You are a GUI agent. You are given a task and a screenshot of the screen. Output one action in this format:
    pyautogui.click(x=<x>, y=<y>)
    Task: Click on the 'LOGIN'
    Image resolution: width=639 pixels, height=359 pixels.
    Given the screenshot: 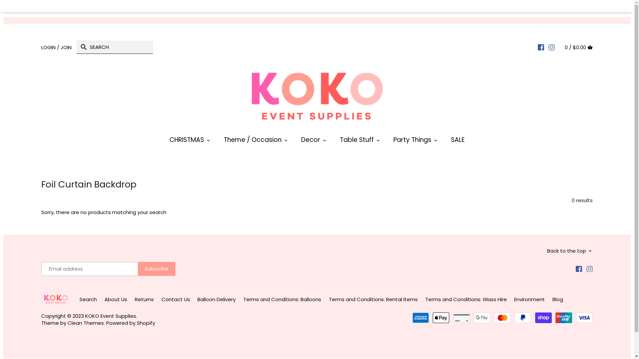 What is the action you would take?
    pyautogui.click(x=41, y=47)
    